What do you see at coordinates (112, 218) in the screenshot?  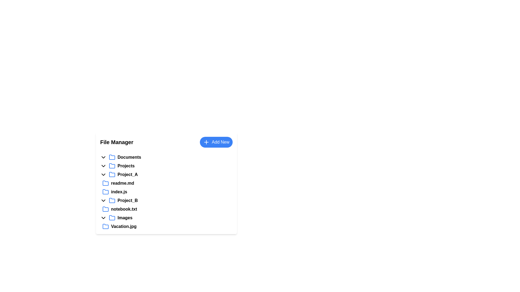 I see `the folder icon with a blue outline located to the left of the 'Images' text in the 'File Manager' section` at bounding box center [112, 218].